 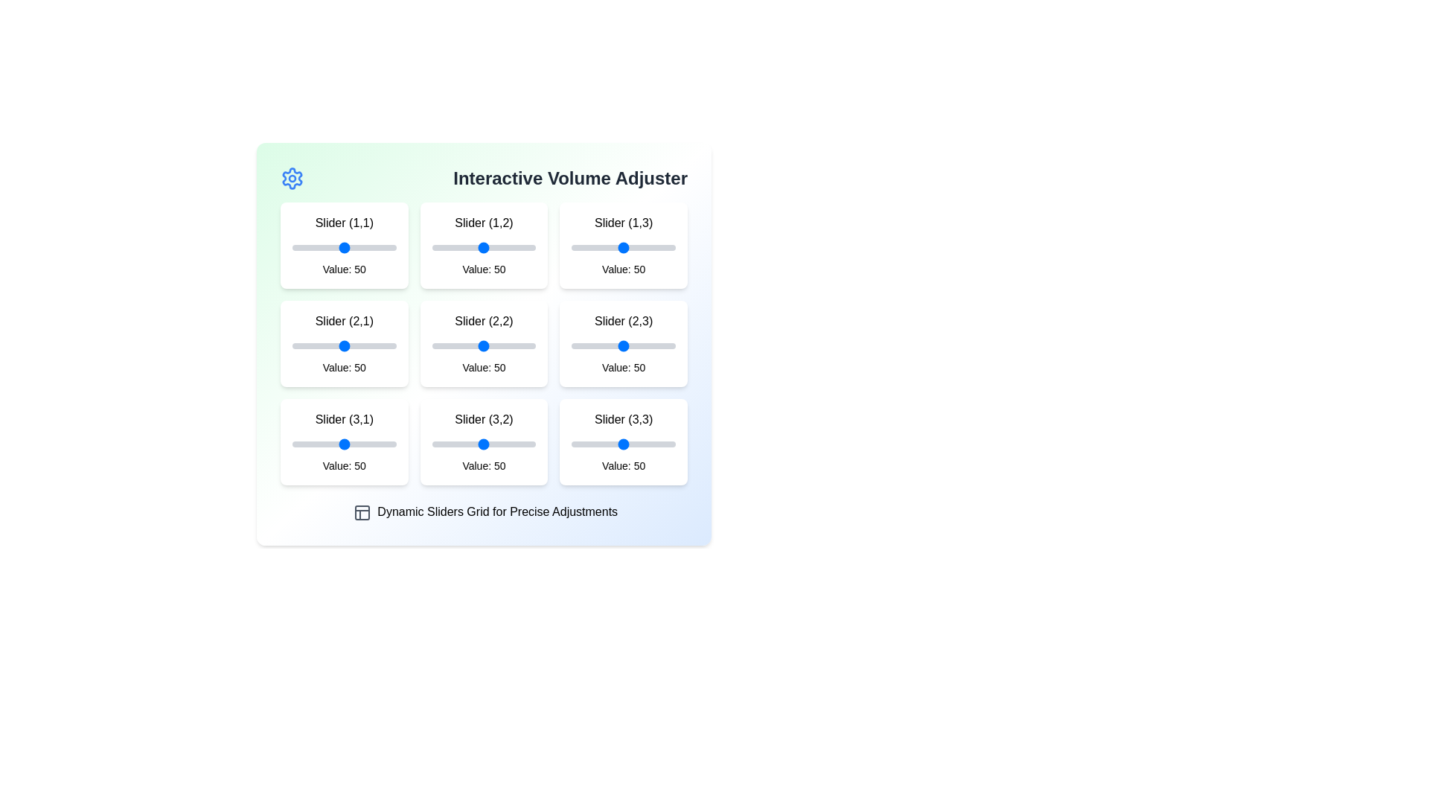 I want to click on the settings icon located at the top-left corner of the component, so click(x=292, y=177).